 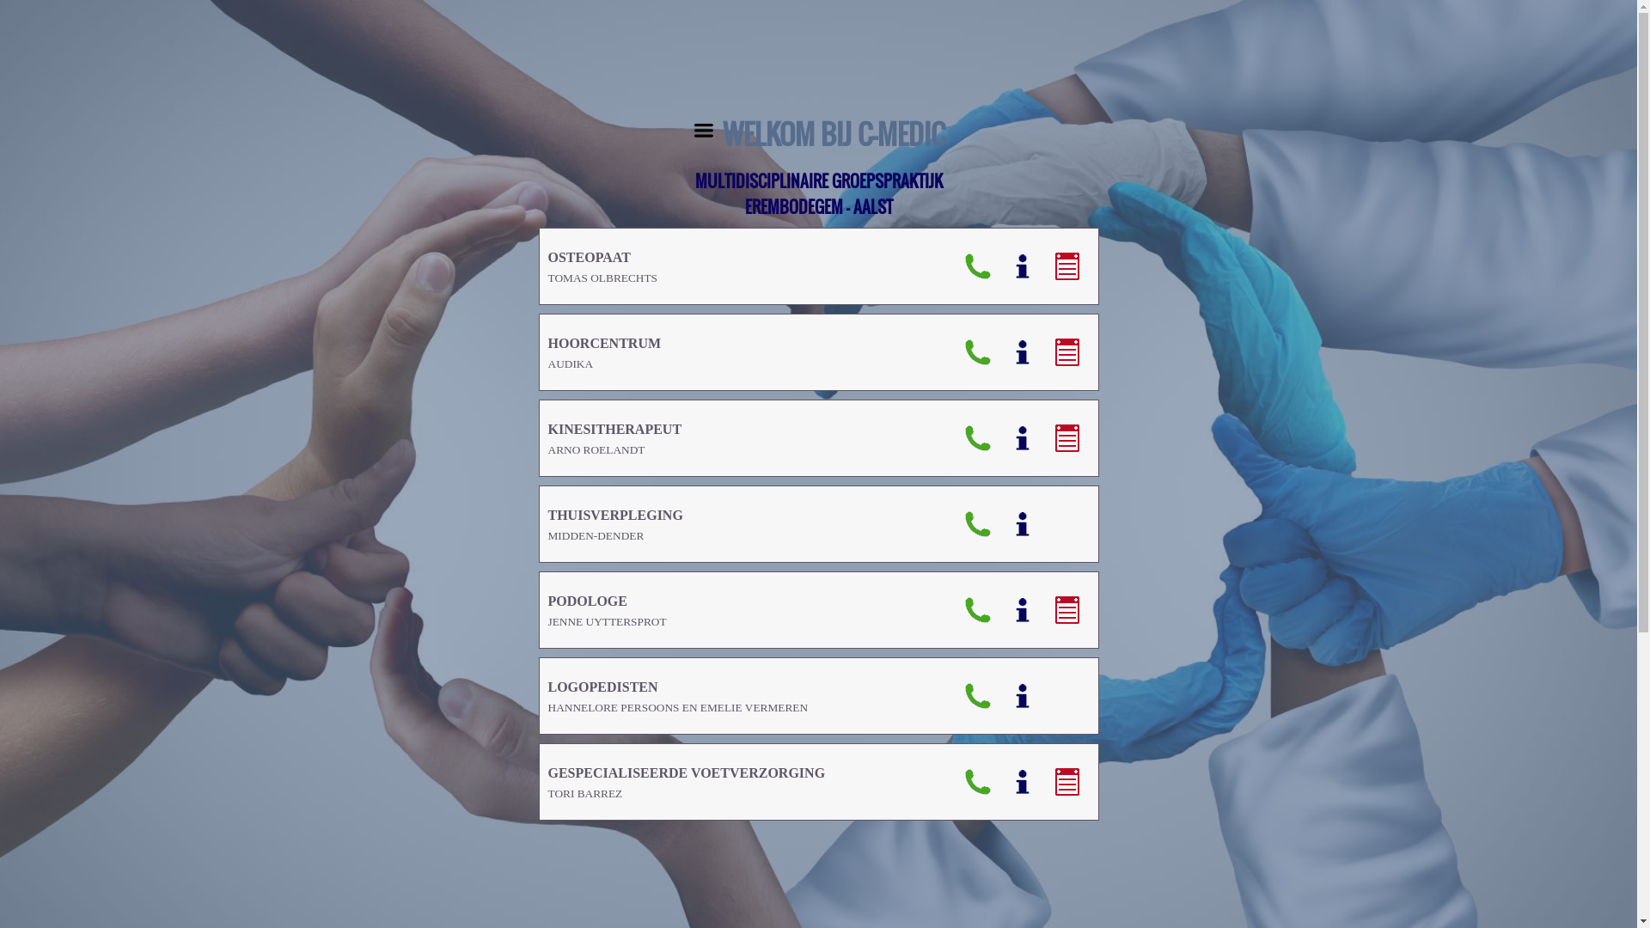 What do you see at coordinates (1023, 266) in the screenshot?
I see `'Info'` at bounding box center [1023, 266].